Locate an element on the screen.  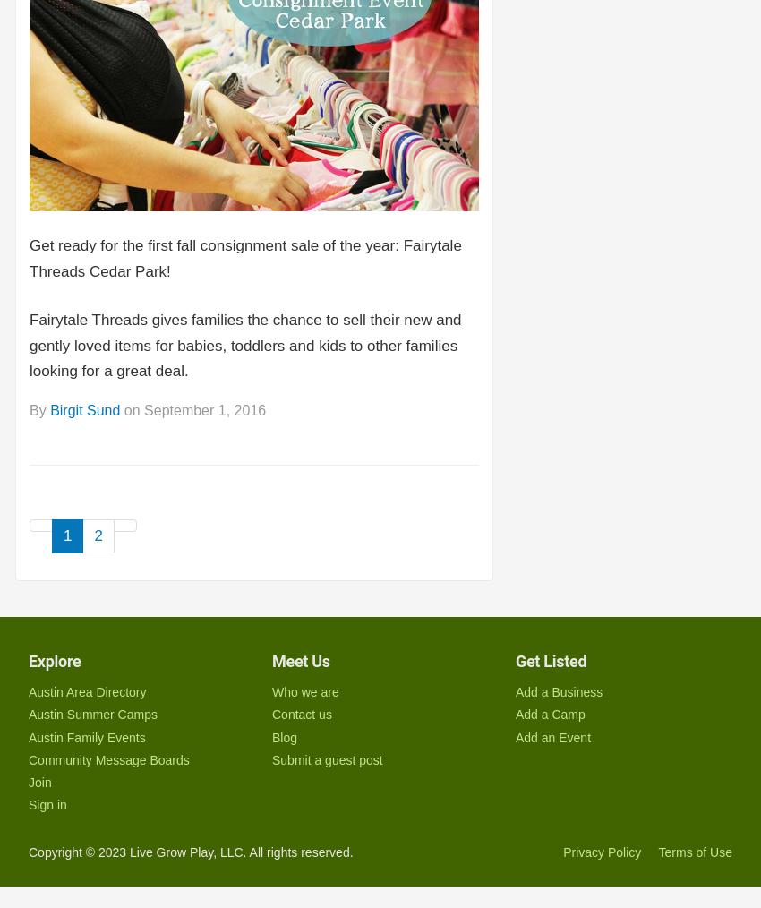
'Community Message Boards' is located at coordinates (107, 758).